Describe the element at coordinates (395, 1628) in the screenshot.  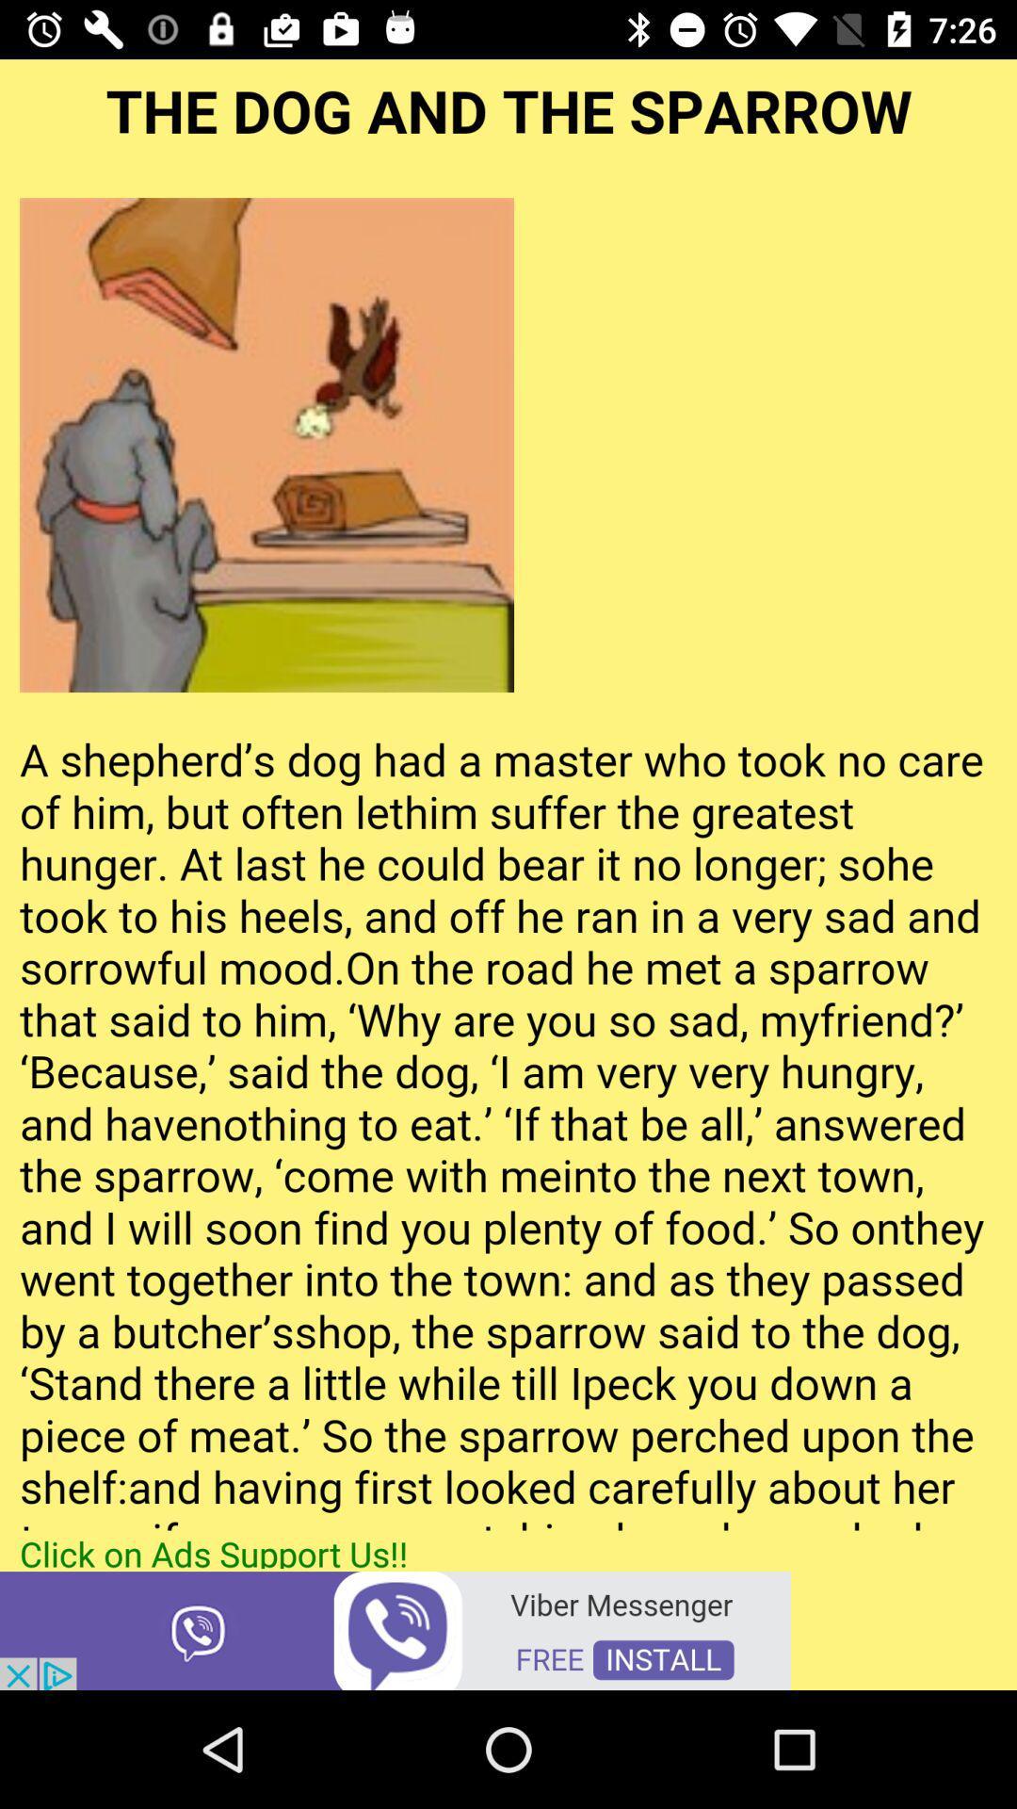
I see `open advertisement` at that location.